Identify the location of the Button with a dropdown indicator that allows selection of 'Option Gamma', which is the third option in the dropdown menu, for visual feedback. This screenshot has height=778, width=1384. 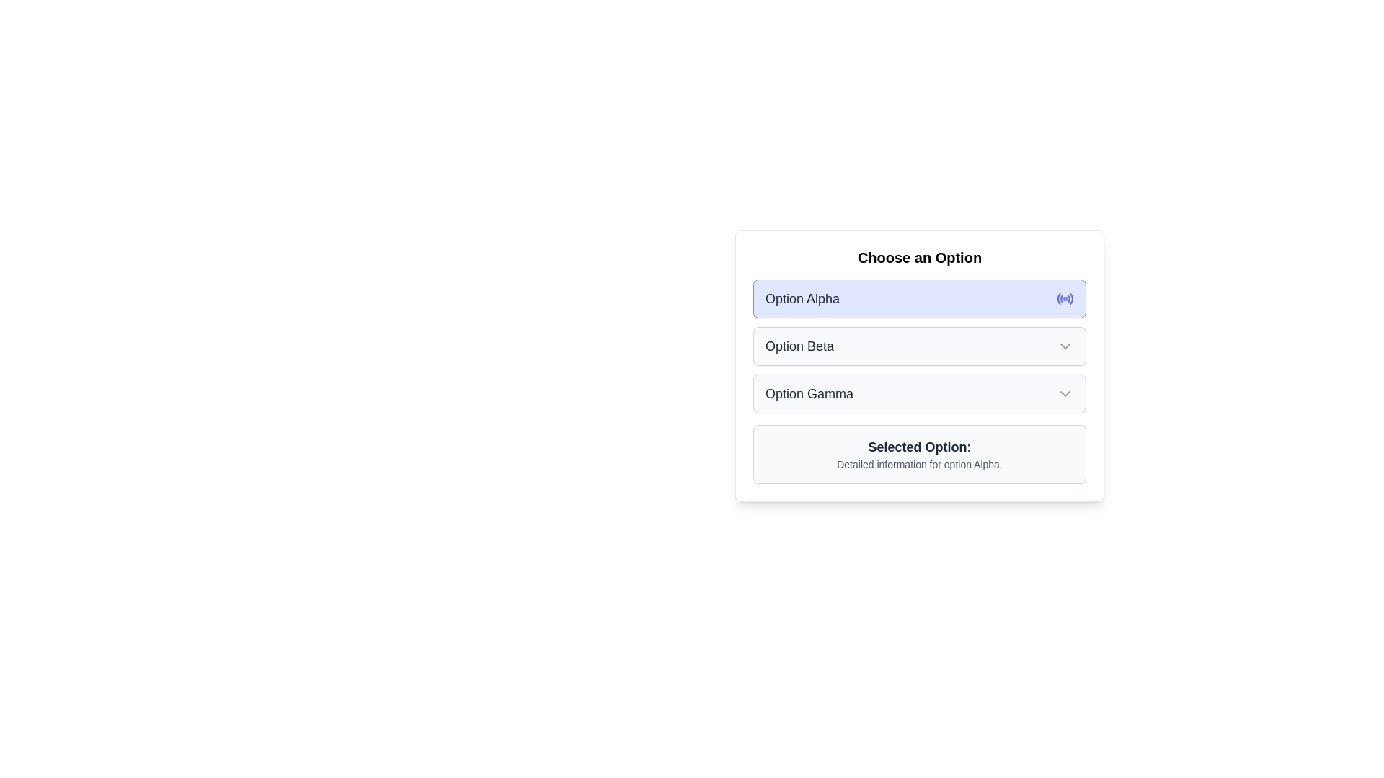
(919, 394).